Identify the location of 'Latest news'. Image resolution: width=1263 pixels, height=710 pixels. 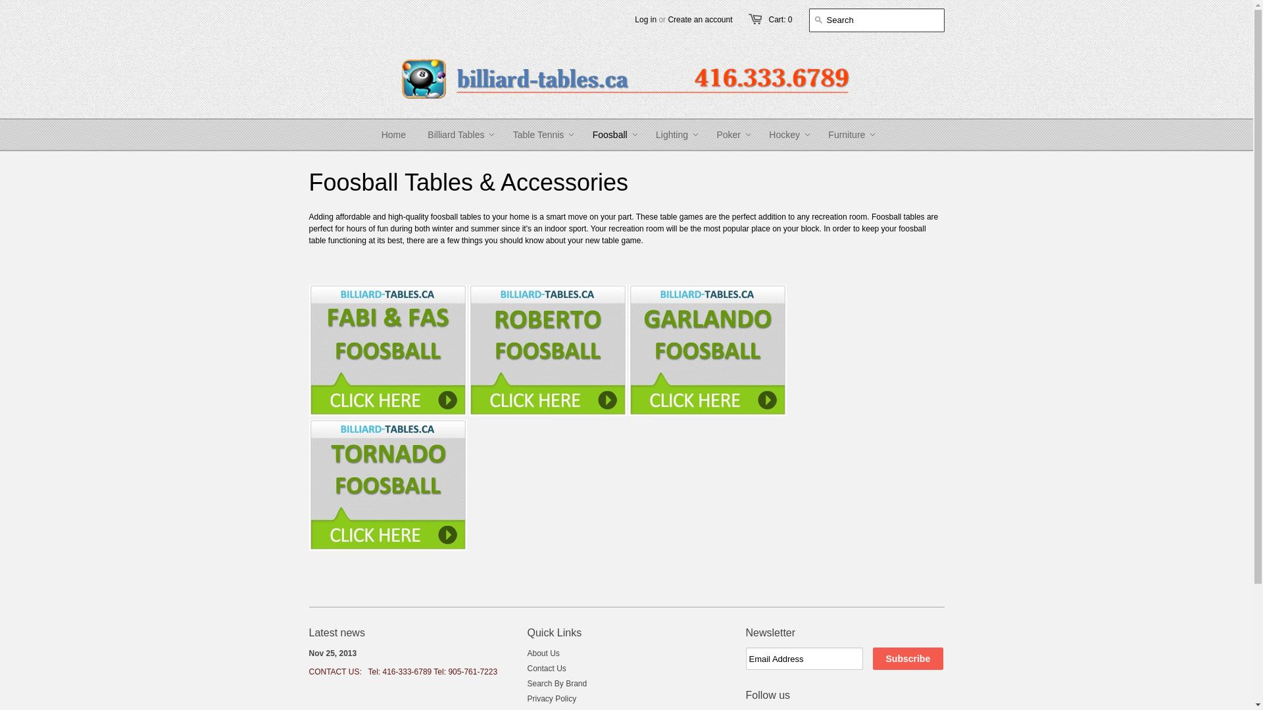
(337, 632).